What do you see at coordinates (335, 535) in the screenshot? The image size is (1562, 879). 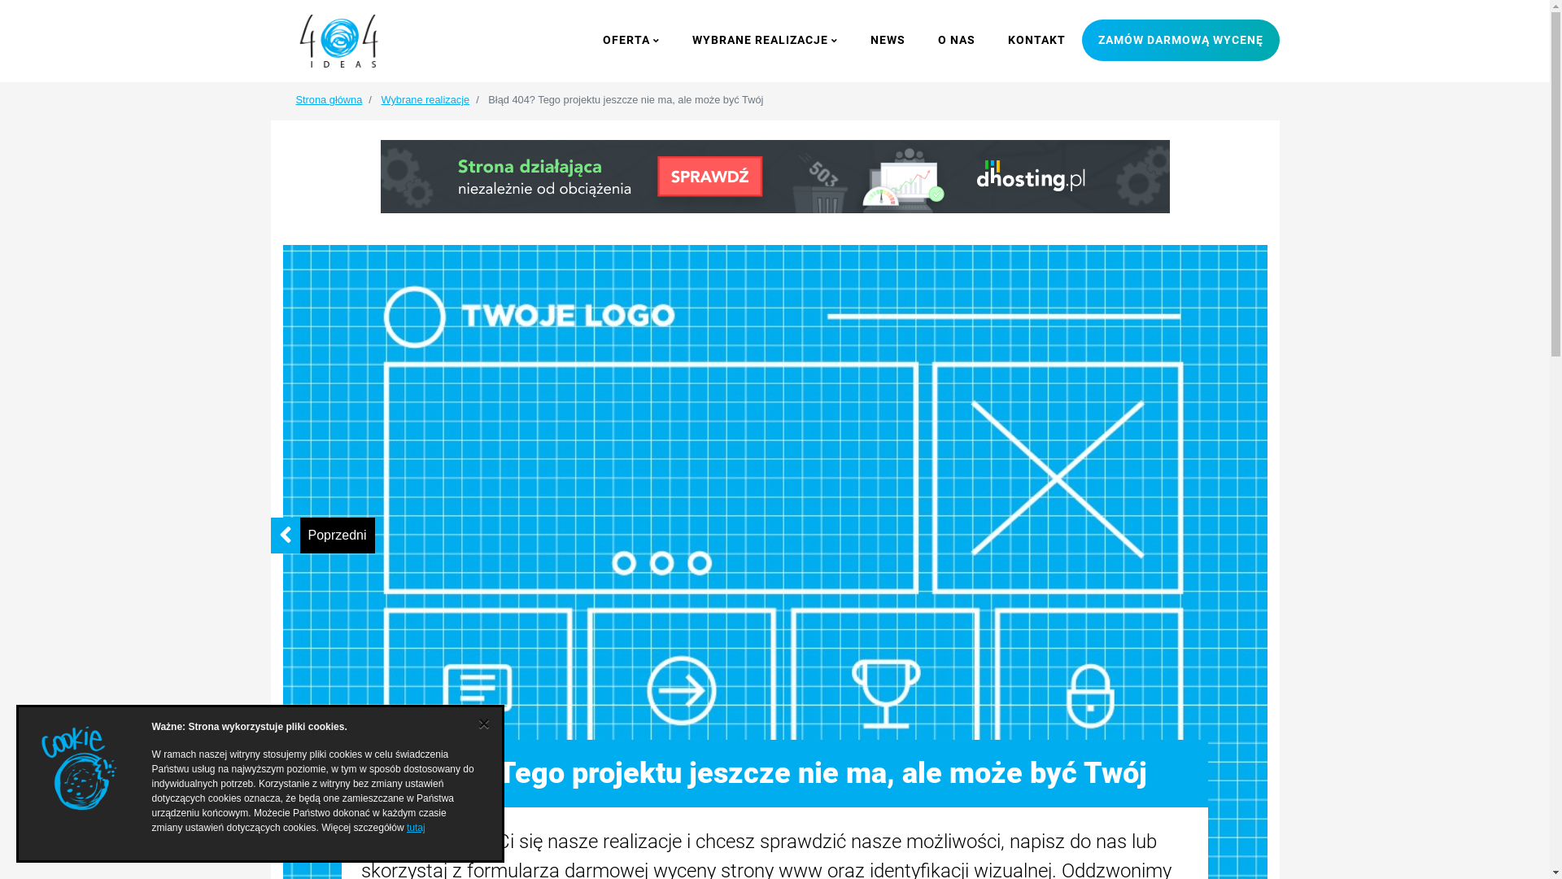 I see `'Poprzedni'` at bounding box center [335, 535].